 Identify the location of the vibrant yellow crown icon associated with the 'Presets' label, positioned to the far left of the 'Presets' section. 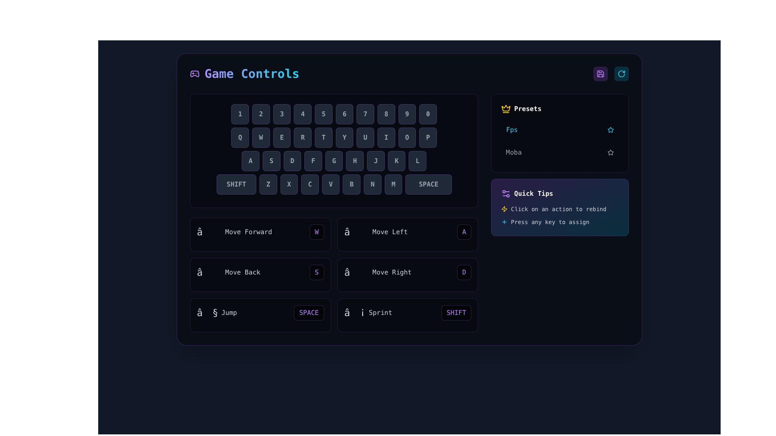
(506, 109).